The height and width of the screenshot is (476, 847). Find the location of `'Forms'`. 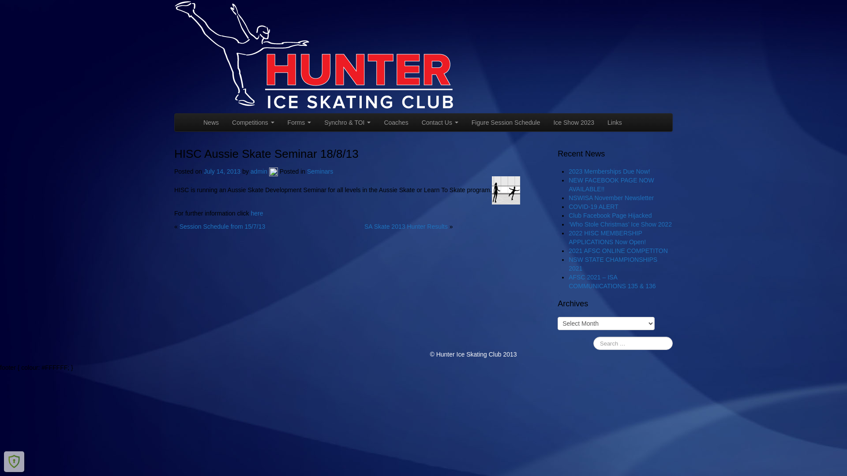

'Forms' is located at coordinates (299, 122).